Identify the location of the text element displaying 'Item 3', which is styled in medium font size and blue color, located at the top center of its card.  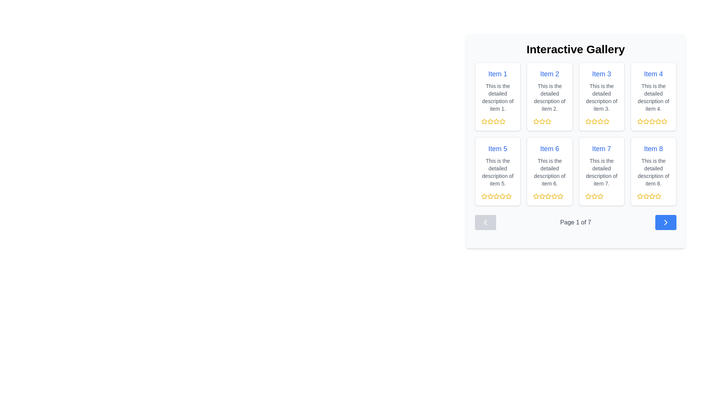
(601, 74).